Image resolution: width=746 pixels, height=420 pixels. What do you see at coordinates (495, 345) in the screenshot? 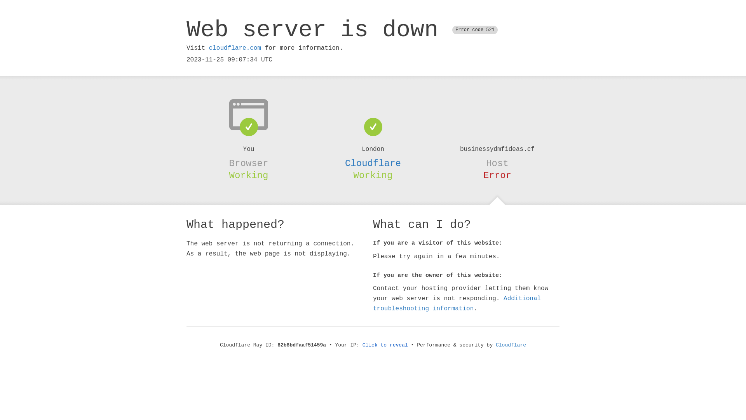
I see `'Cloudflare'` at bounding box center [495, 345].